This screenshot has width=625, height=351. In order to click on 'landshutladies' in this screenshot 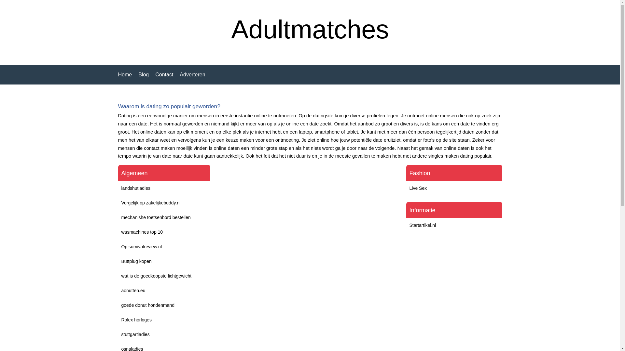, I will do `click(121, 188)`.